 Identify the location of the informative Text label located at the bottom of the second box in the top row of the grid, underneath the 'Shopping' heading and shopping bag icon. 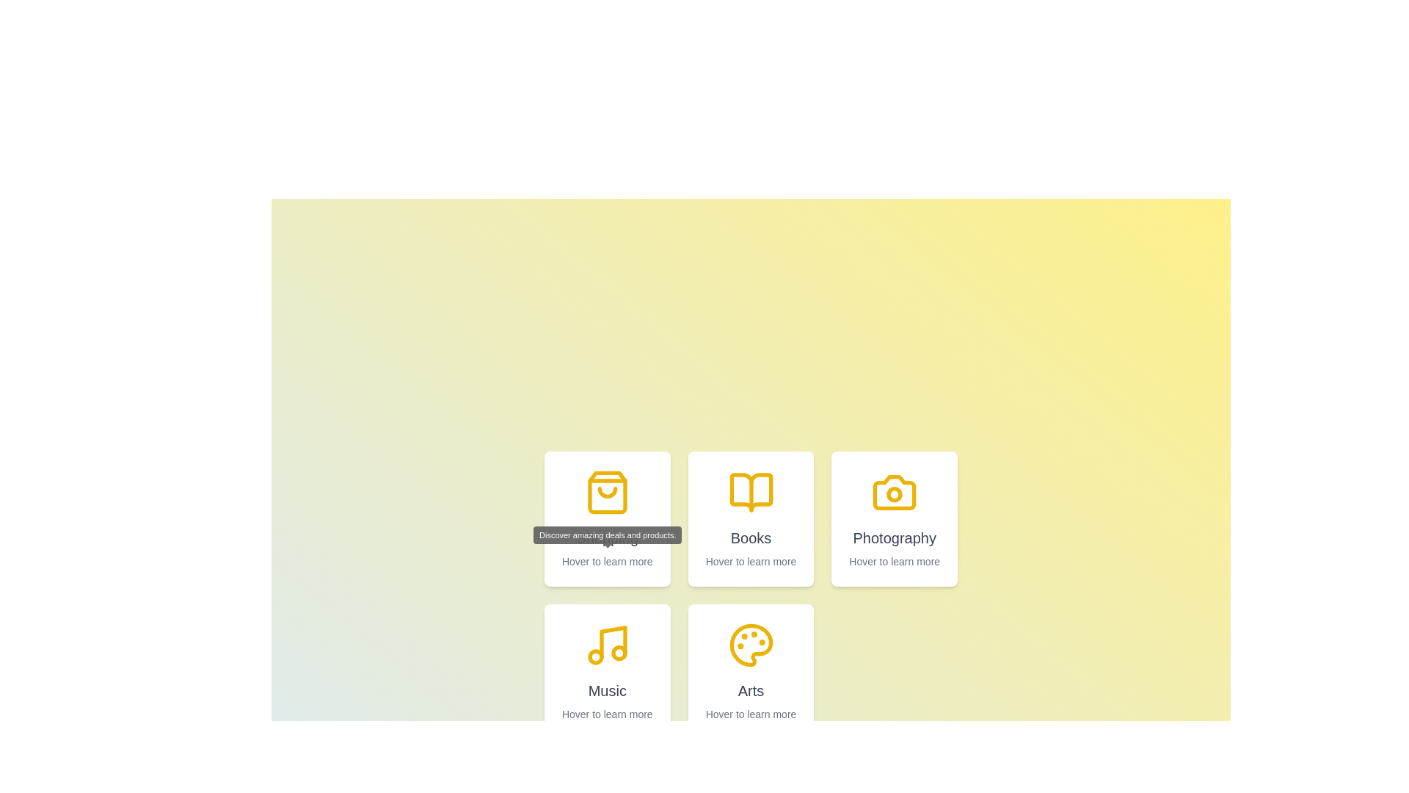
(607, 561).